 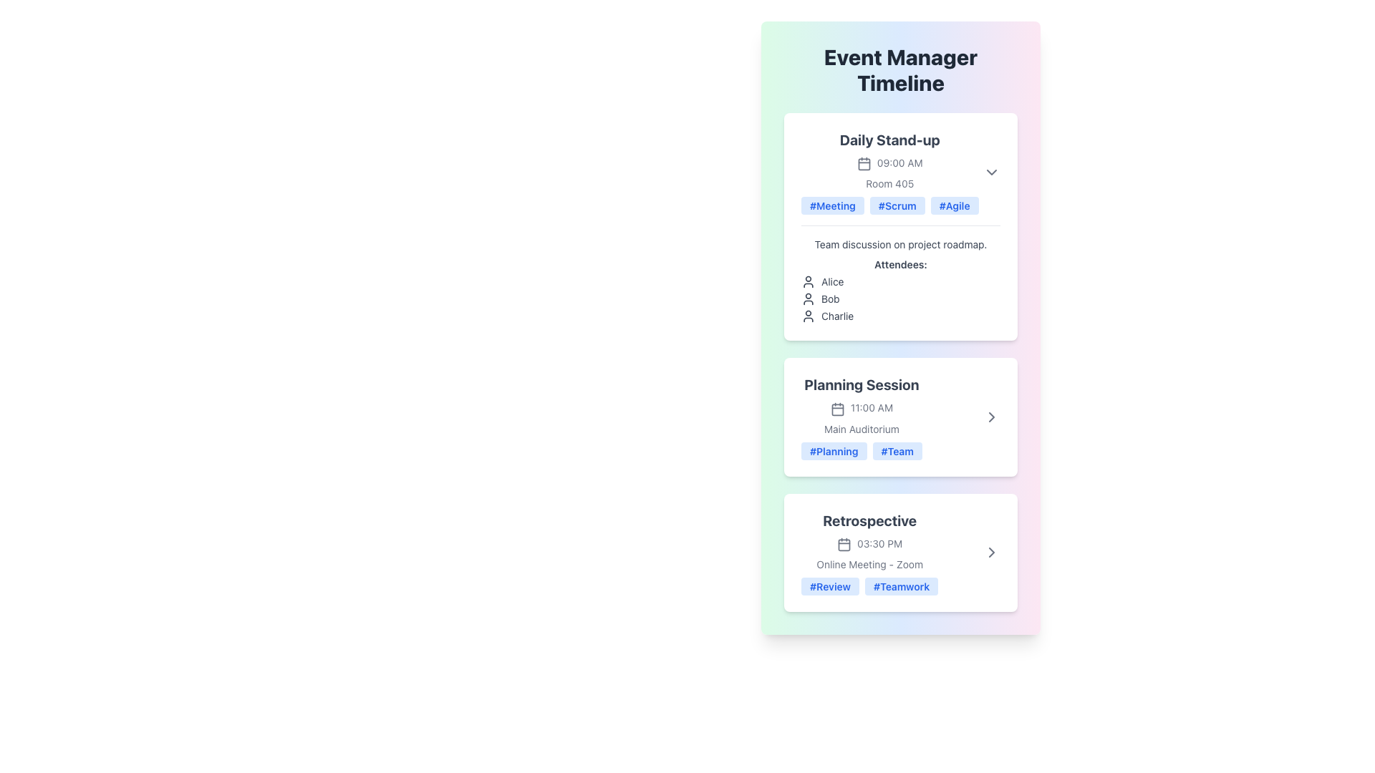 What do you see at coordinates (897, 451) in the screenshot?
I see `the '#Team' tag with a blue background and rounded corners located at the bottom of the 'Planning Session' card` at bounding box center [897, 451].